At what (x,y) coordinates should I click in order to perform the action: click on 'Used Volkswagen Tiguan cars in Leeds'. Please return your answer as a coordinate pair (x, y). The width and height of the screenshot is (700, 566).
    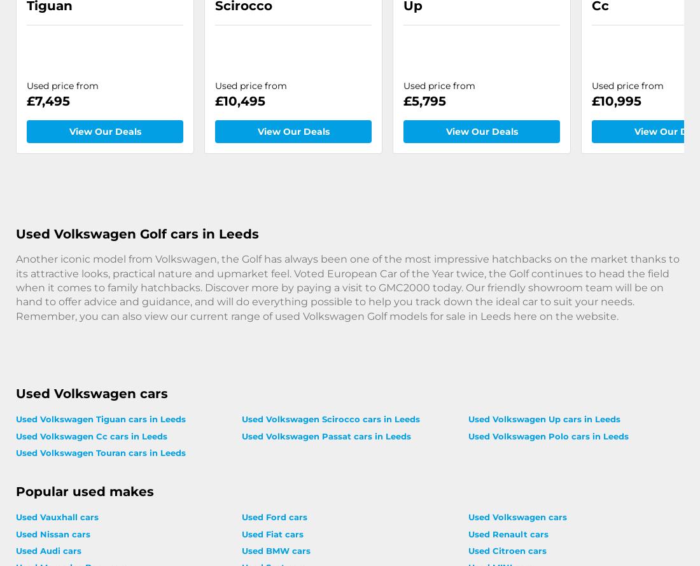
    Looking at the image, I should click on (15, 418).